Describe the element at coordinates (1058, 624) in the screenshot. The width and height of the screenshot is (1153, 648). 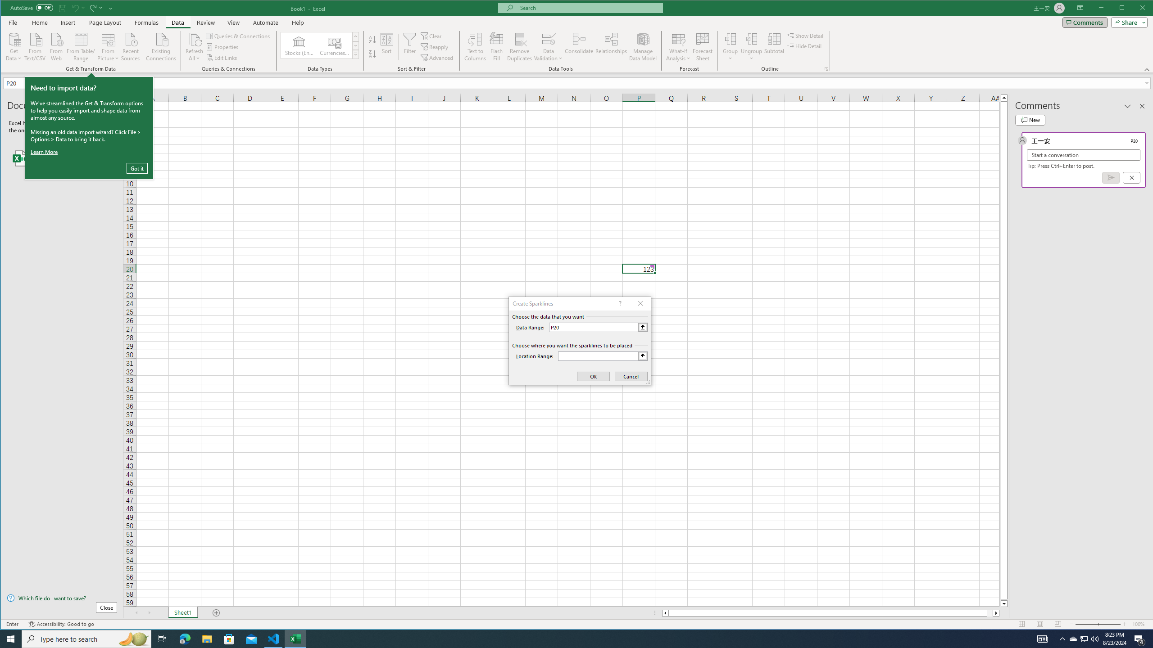
I see `'Page Break Preview'` at that location.